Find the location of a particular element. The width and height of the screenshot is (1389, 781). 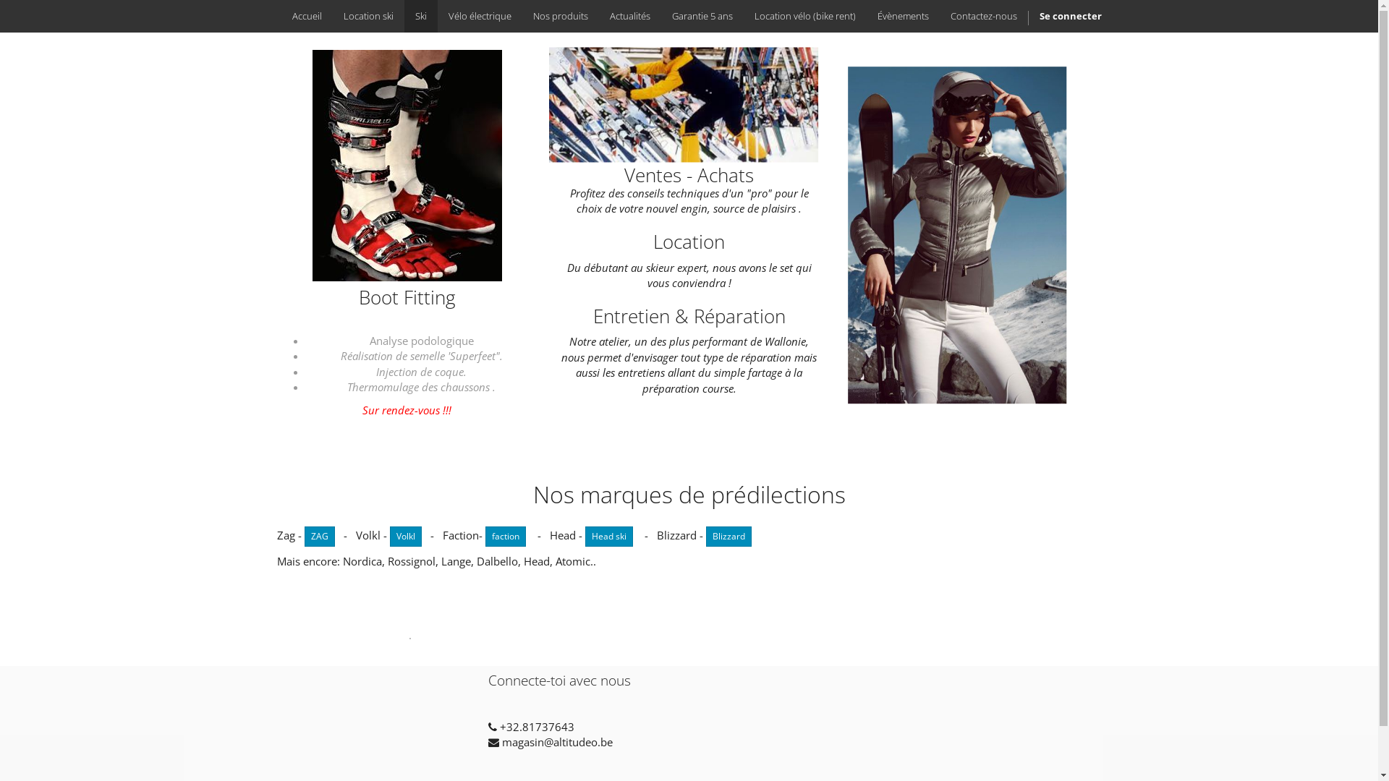

'Se connecter' is located at coordinates (1070, 16).